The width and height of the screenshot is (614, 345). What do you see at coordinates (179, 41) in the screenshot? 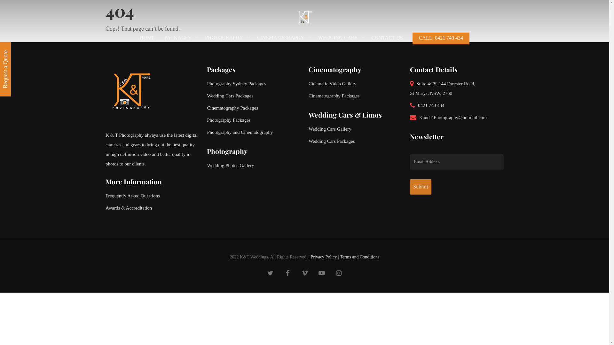
I see `'PACKAGES'` at bounding box center [179, 41].